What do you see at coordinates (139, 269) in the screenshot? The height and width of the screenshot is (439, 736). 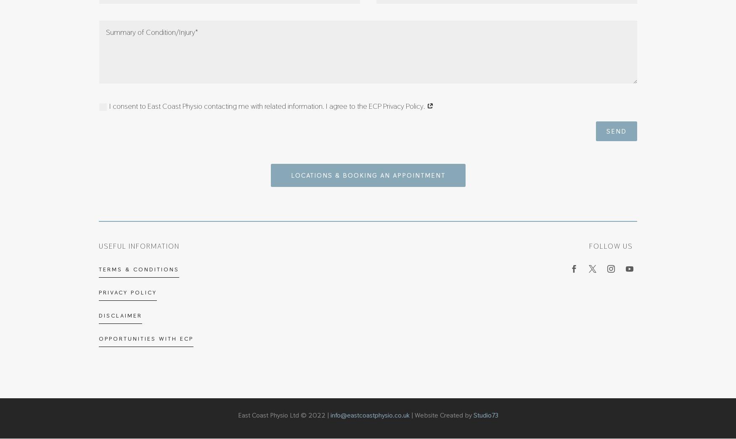 I see `'Terms & Conditions'` at bounding box center [139, 269].